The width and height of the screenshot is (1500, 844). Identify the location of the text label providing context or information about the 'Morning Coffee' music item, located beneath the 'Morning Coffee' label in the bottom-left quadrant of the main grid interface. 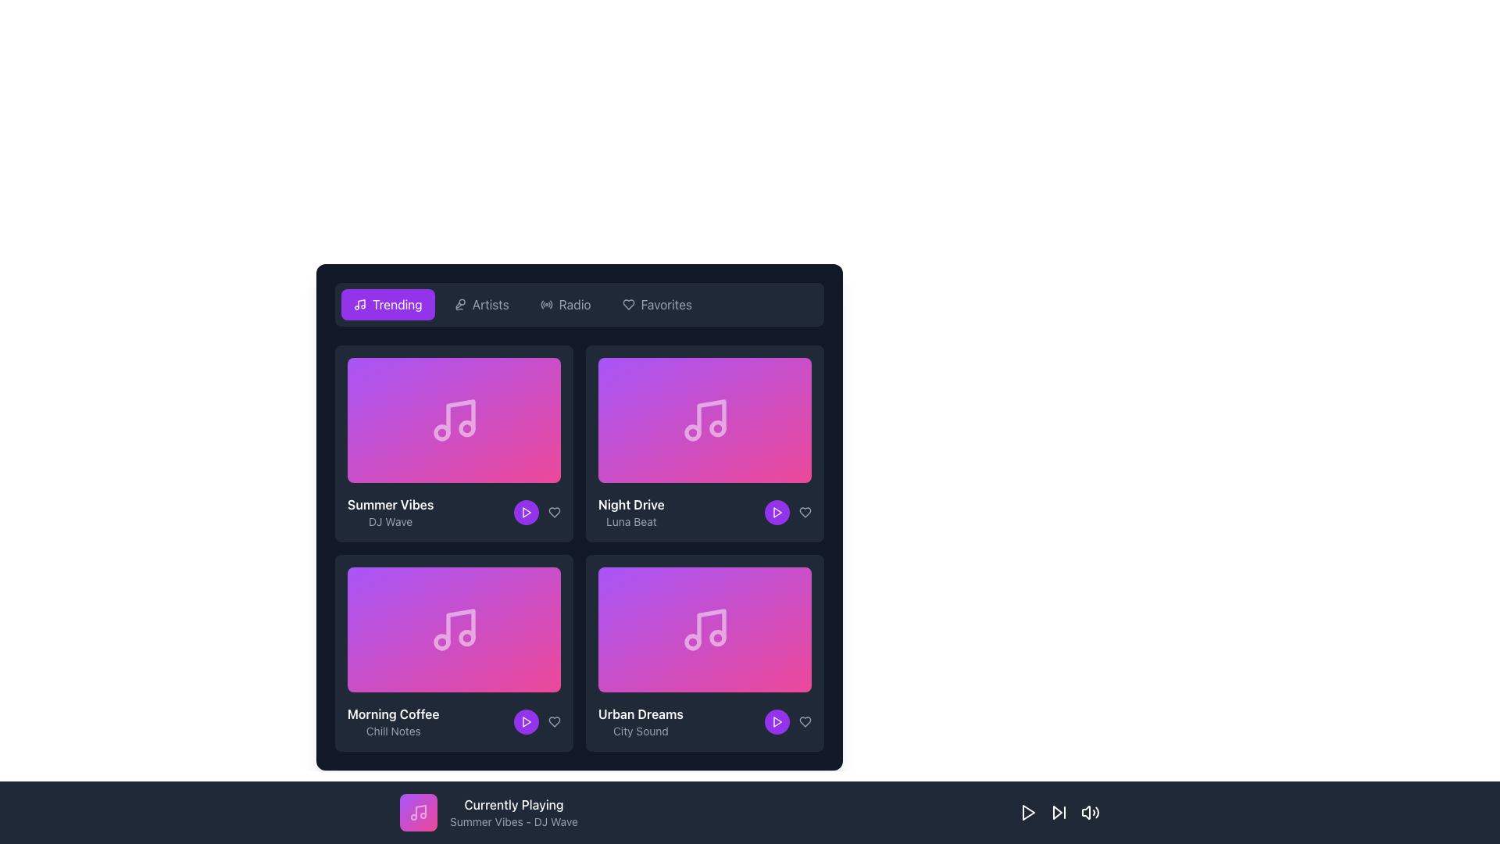
(393, 731).